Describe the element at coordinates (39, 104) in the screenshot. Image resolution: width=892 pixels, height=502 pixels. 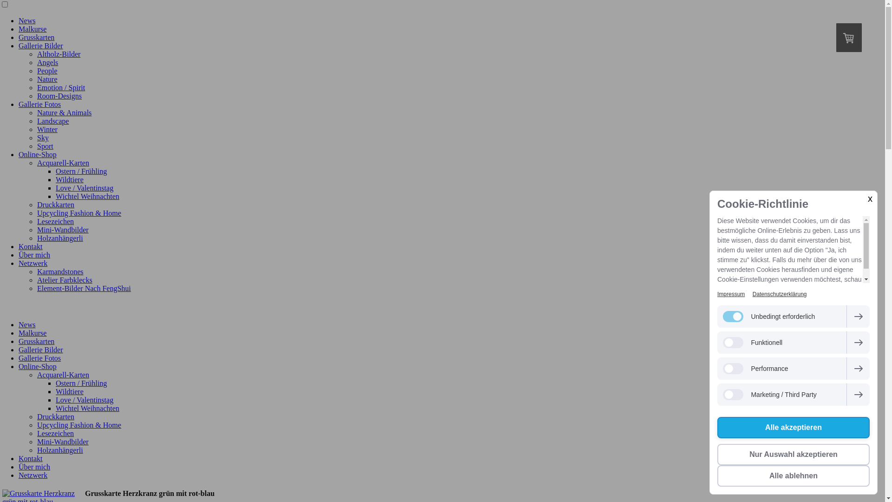
I see `'Gallerie Fotos'` at that location.